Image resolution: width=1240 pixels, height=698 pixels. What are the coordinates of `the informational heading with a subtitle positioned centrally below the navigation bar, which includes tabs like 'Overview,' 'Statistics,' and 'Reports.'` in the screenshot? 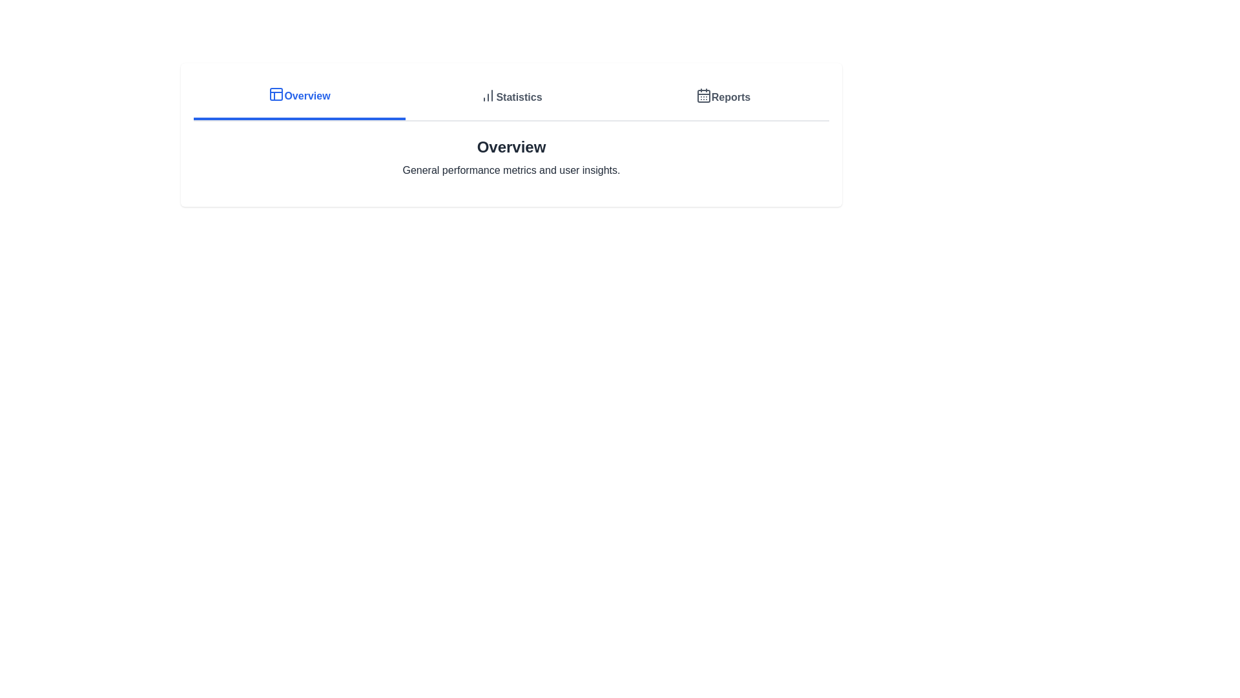 It's located at (511, 156).